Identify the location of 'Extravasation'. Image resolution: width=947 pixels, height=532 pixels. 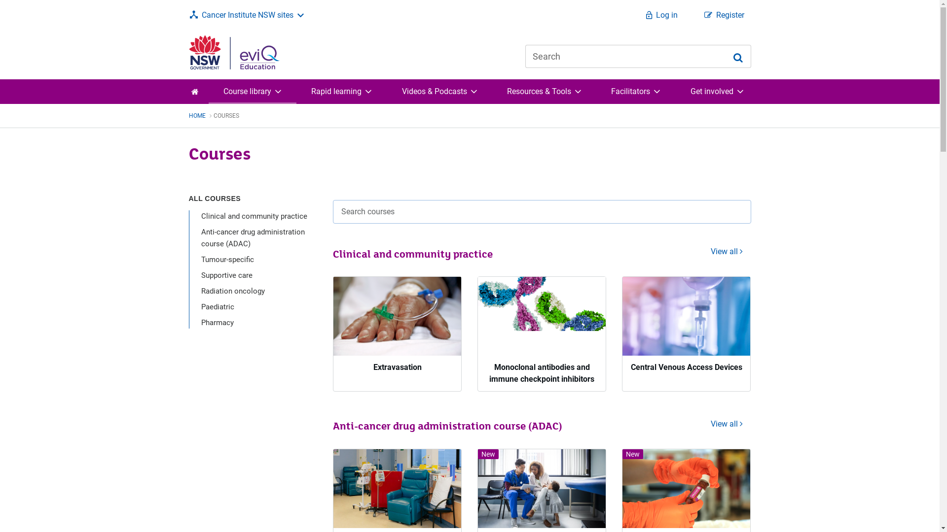
(397, 328).